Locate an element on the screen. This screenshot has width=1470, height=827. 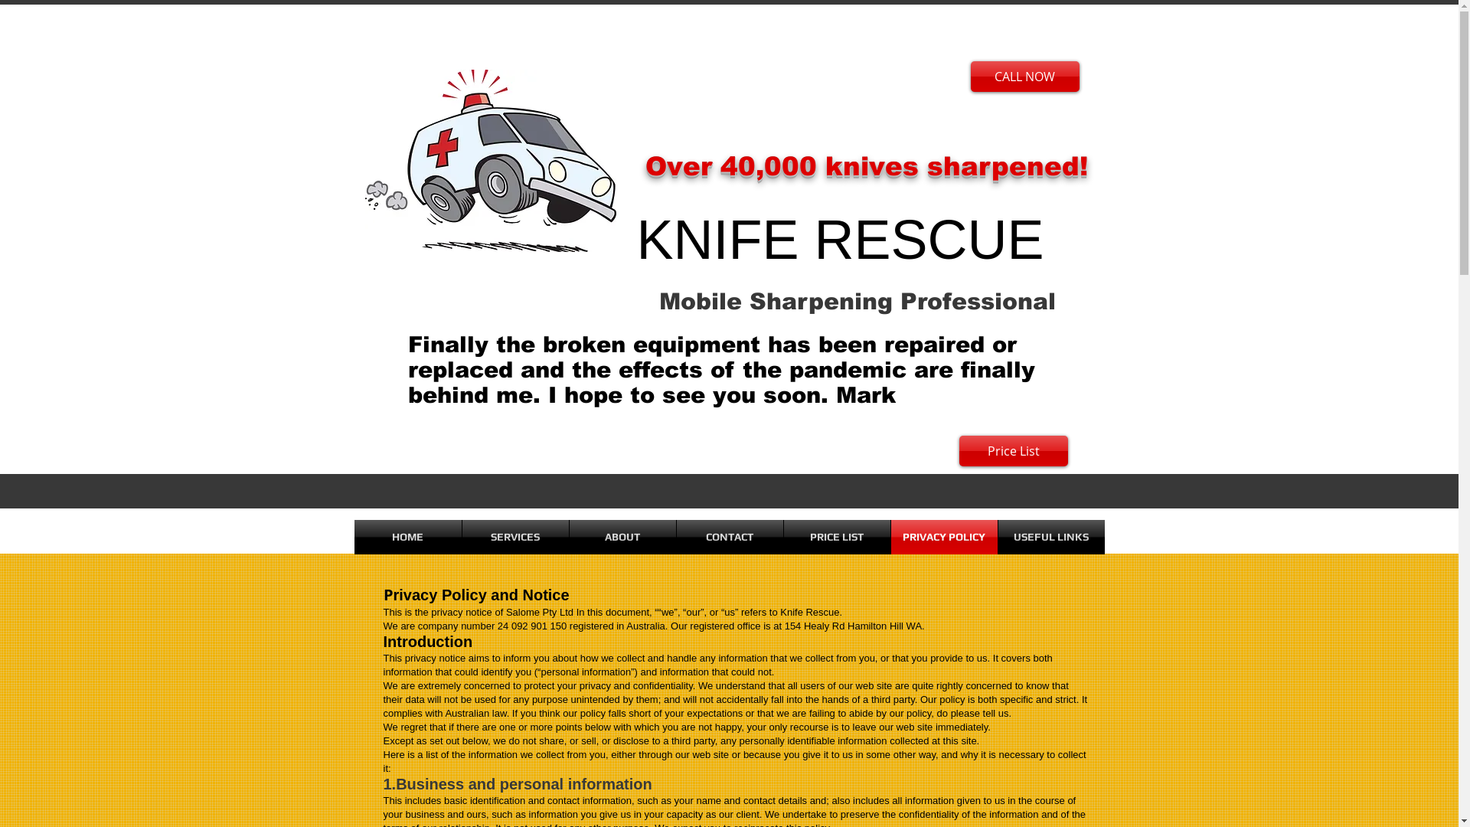
'PRICE LIST' is located at coordinates (836, 536).